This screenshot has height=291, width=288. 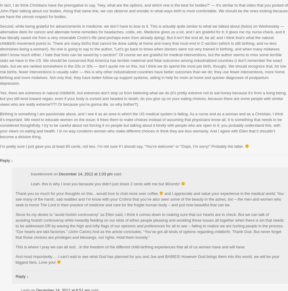 What do you see at coordinates (87, 193) in the screenshot?
I see `'Thank you so much for your thoughts on this…would love to chat more over coffee'` at bounding box center [87, 193].